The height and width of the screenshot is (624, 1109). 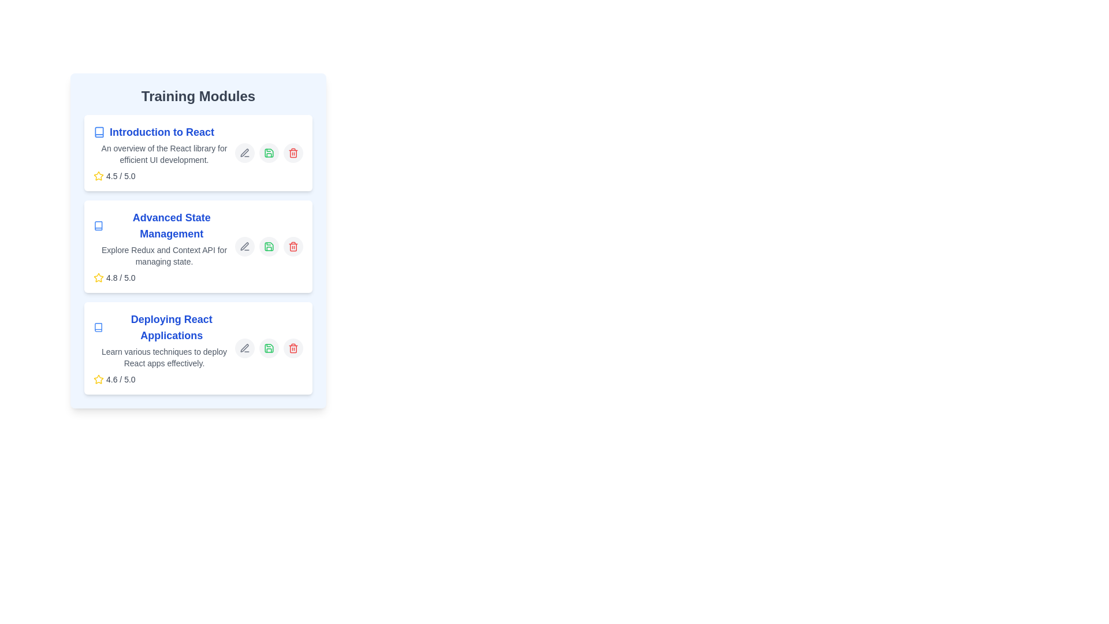 I want to click on the text label displaying the rating '4.8 / 5.0' in gray font, which is located in the second module card labeled 'Advanced State Management', to the right of a yellow star icon, so click(x=121, y=278).